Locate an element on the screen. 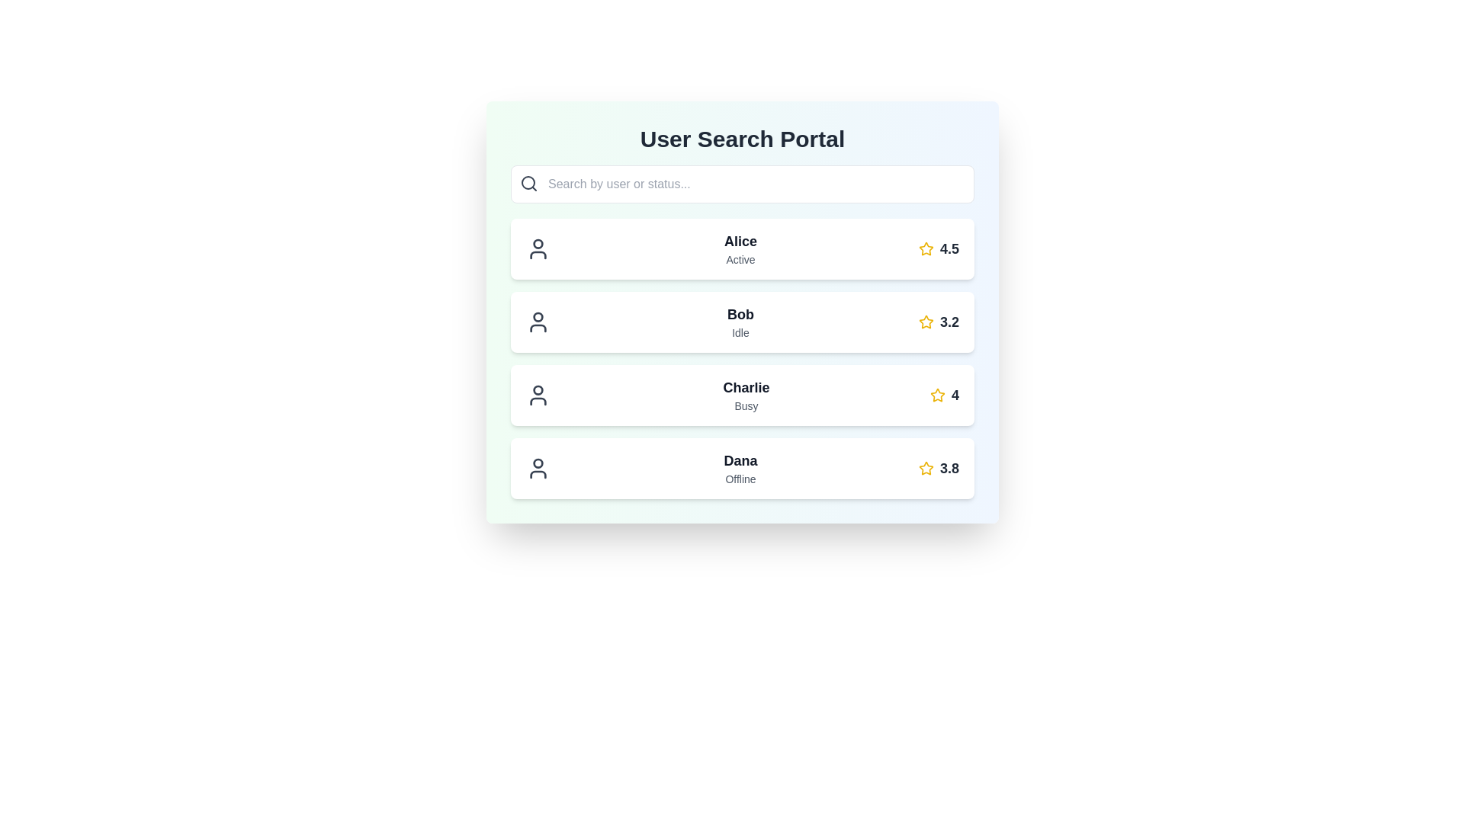  the bold, large-sized text reading 'Bob' is located at coordinates (740, 313).